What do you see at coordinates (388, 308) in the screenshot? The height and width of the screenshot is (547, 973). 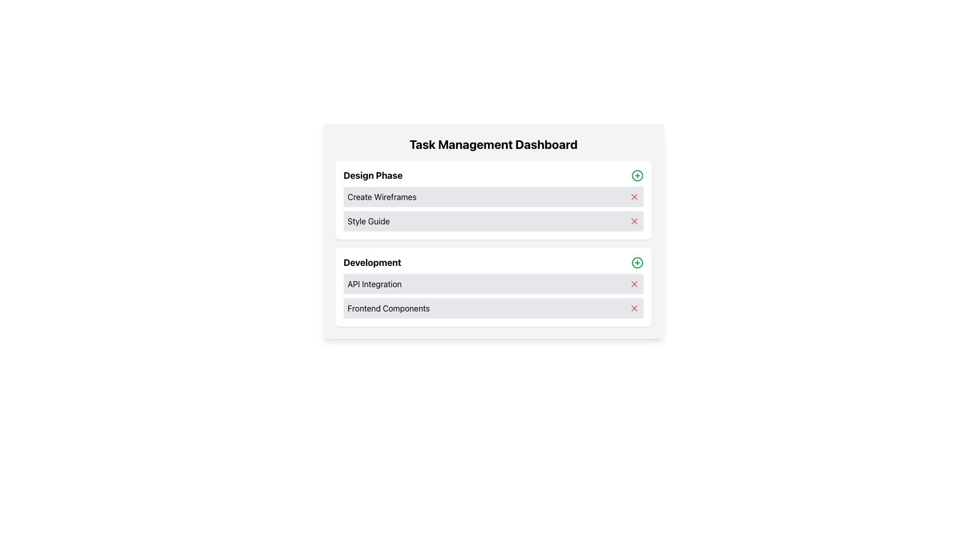 I see `the text label displaying 'Frontend Components' in bold font, located within the 'Development' section of the task list` at bounding box center [388, 308].